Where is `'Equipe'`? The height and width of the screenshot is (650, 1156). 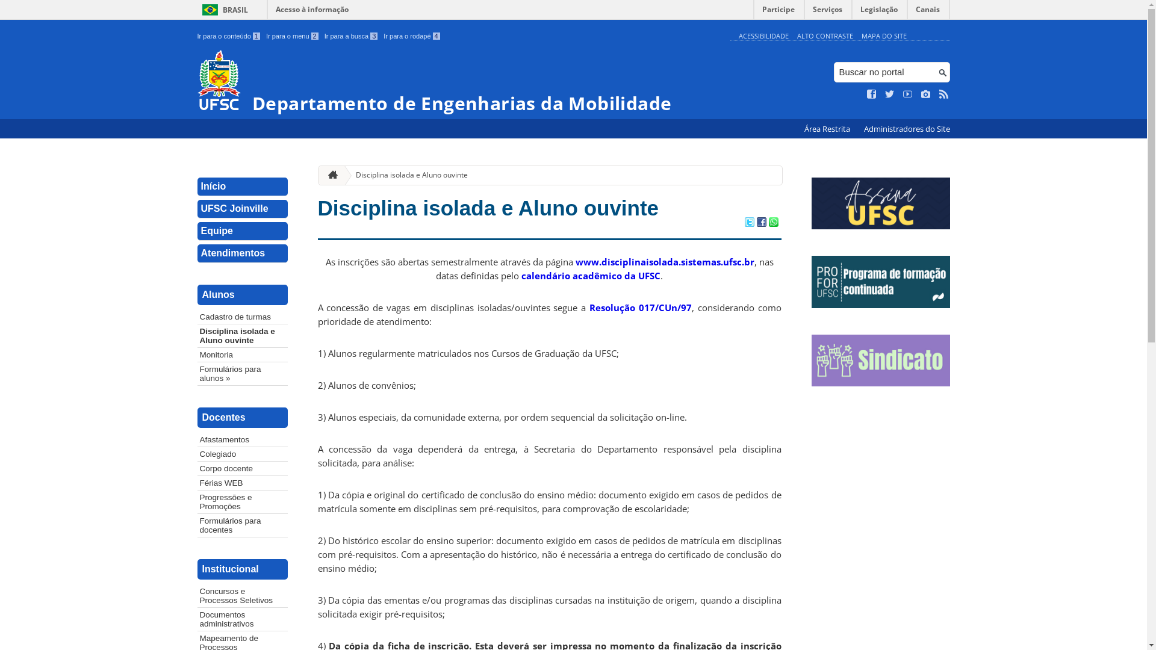 'Equipe' is located at coordinates (242, 231).